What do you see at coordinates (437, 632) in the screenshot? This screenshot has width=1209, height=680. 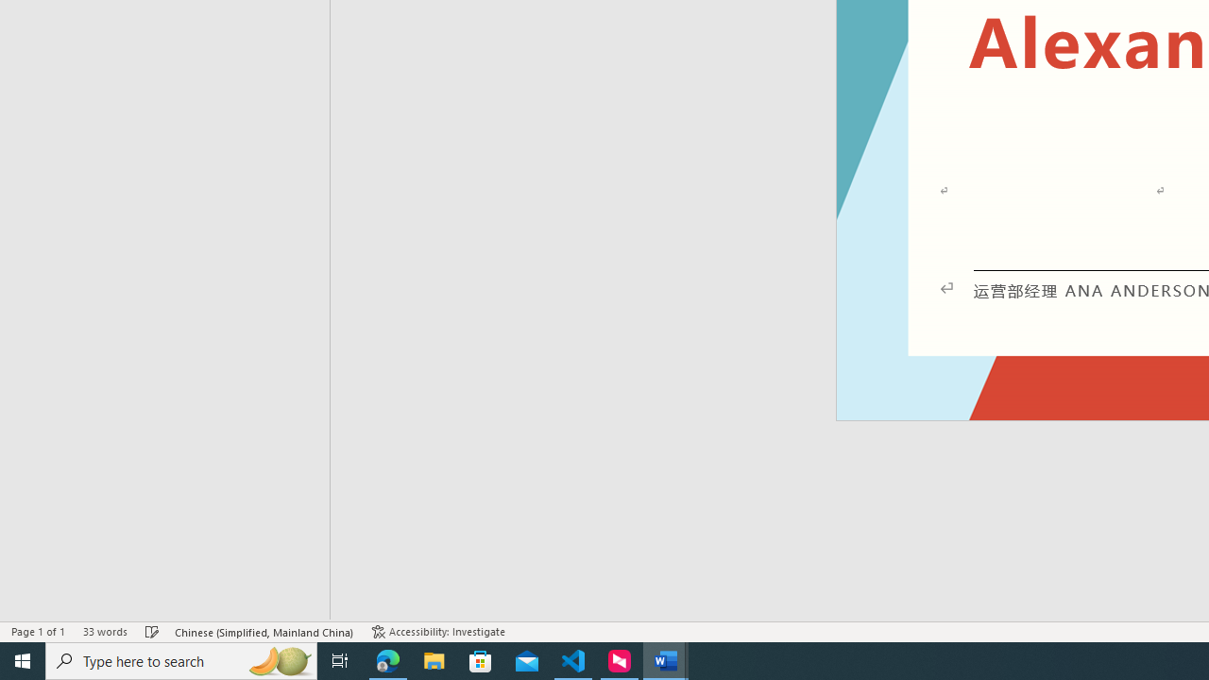 I see `'Accessibility Checker Accessibility: Investigate'` at bounding box center [437, 632].